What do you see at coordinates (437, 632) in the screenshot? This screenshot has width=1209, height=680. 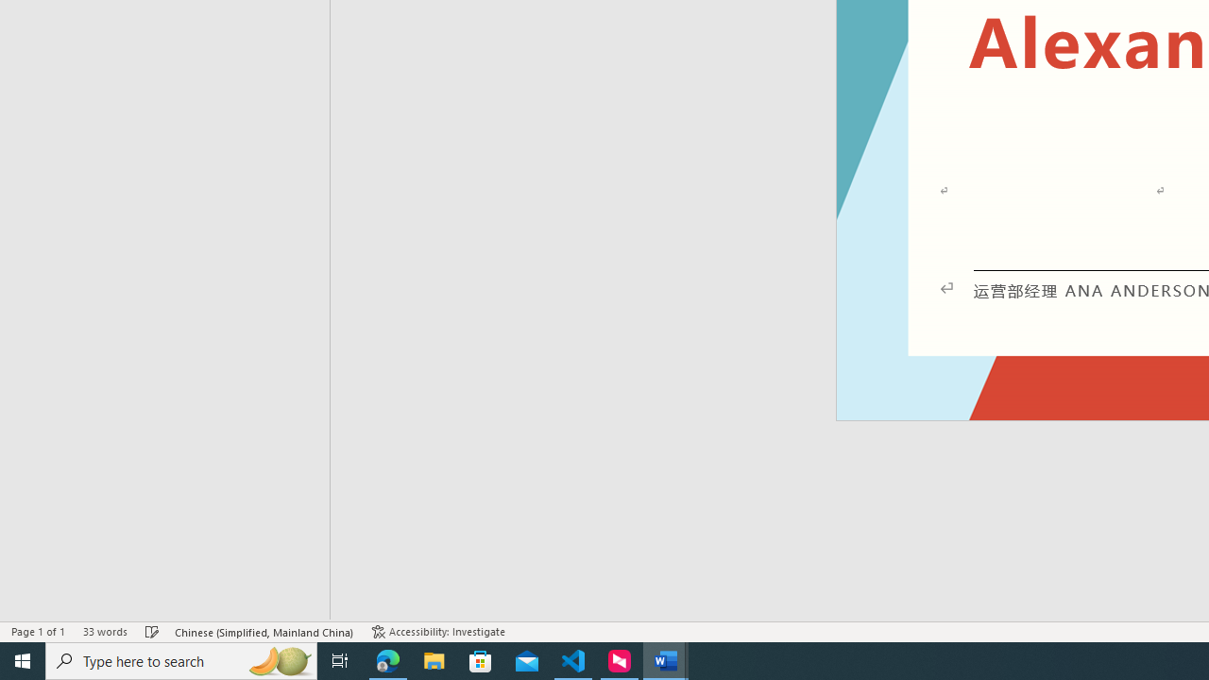 I see `'Accessibility Checker Accessibility: Investigate'` at bounding box center [437, 632].